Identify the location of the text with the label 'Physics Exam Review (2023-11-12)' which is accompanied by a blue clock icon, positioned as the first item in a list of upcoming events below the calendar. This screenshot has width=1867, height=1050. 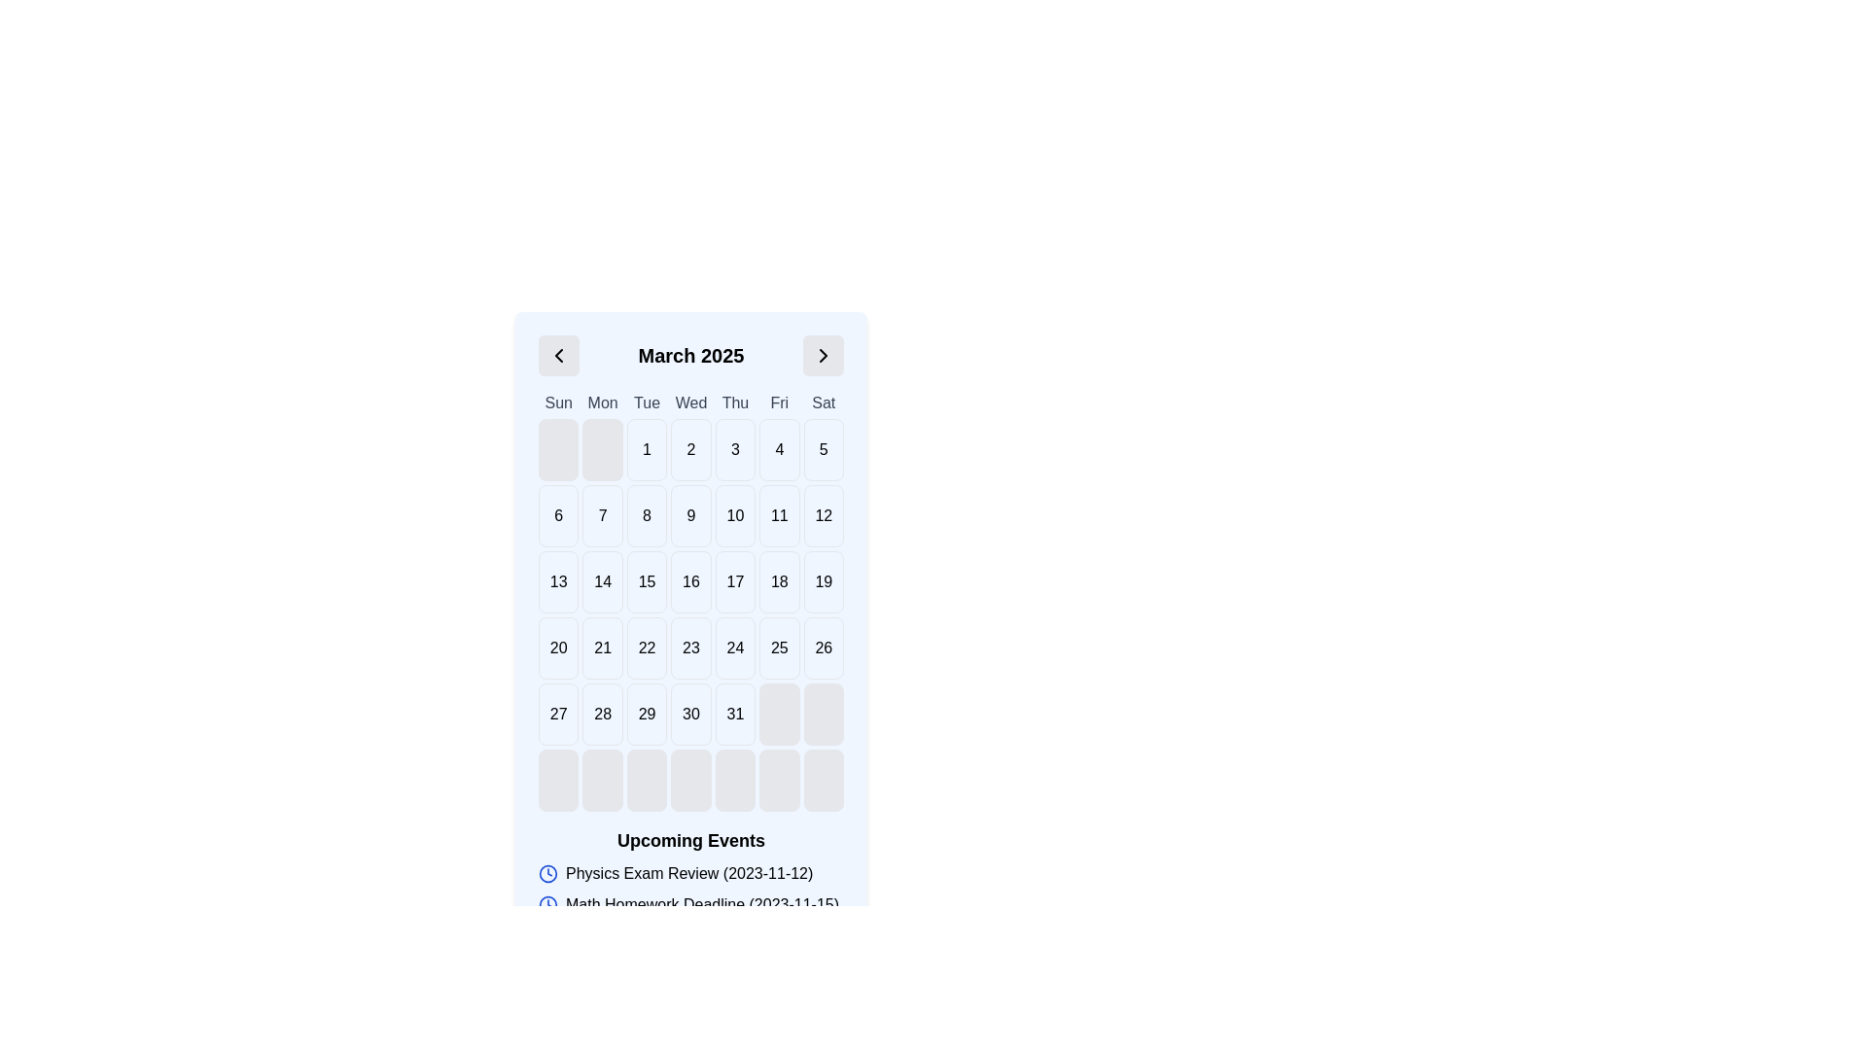
(690, 872).